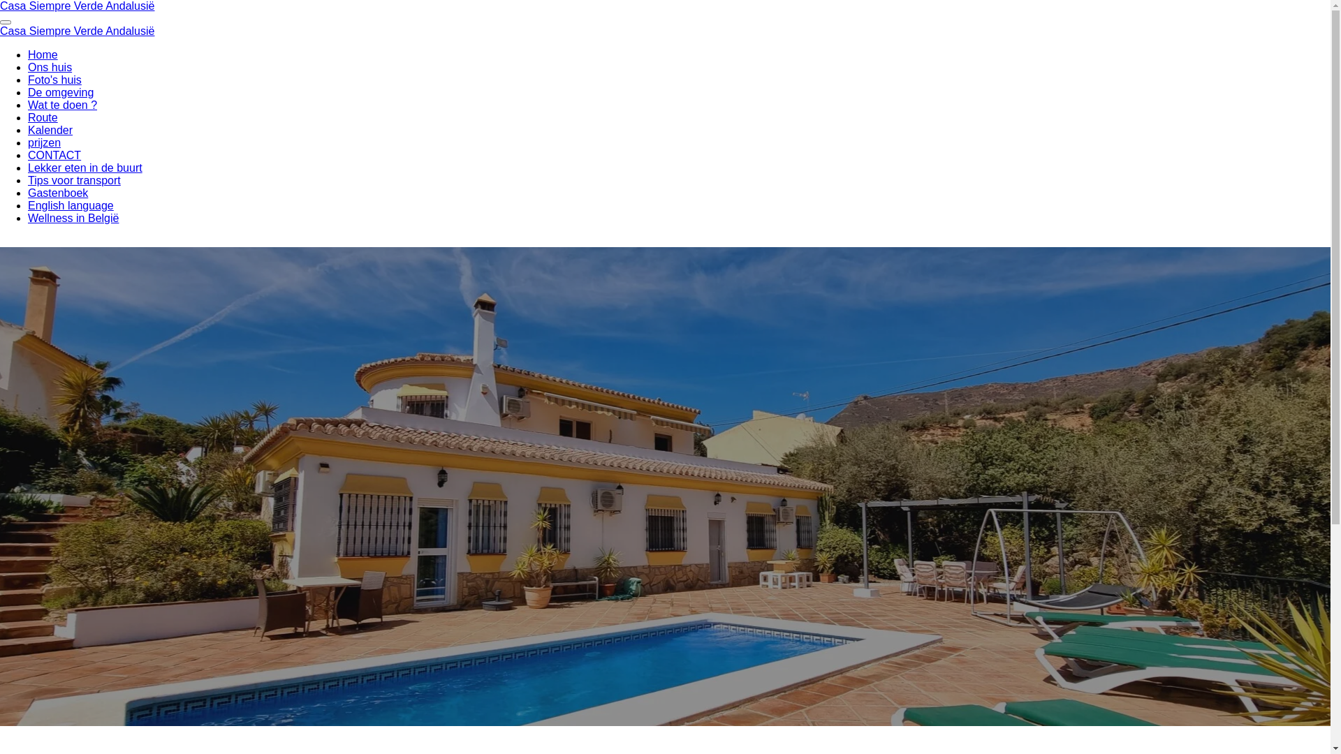 The width and height of the screenshot is (1341, 754). Describe the element at coordinates (54, 155) in the screenshot. I see `'CONTACT'` at that location.